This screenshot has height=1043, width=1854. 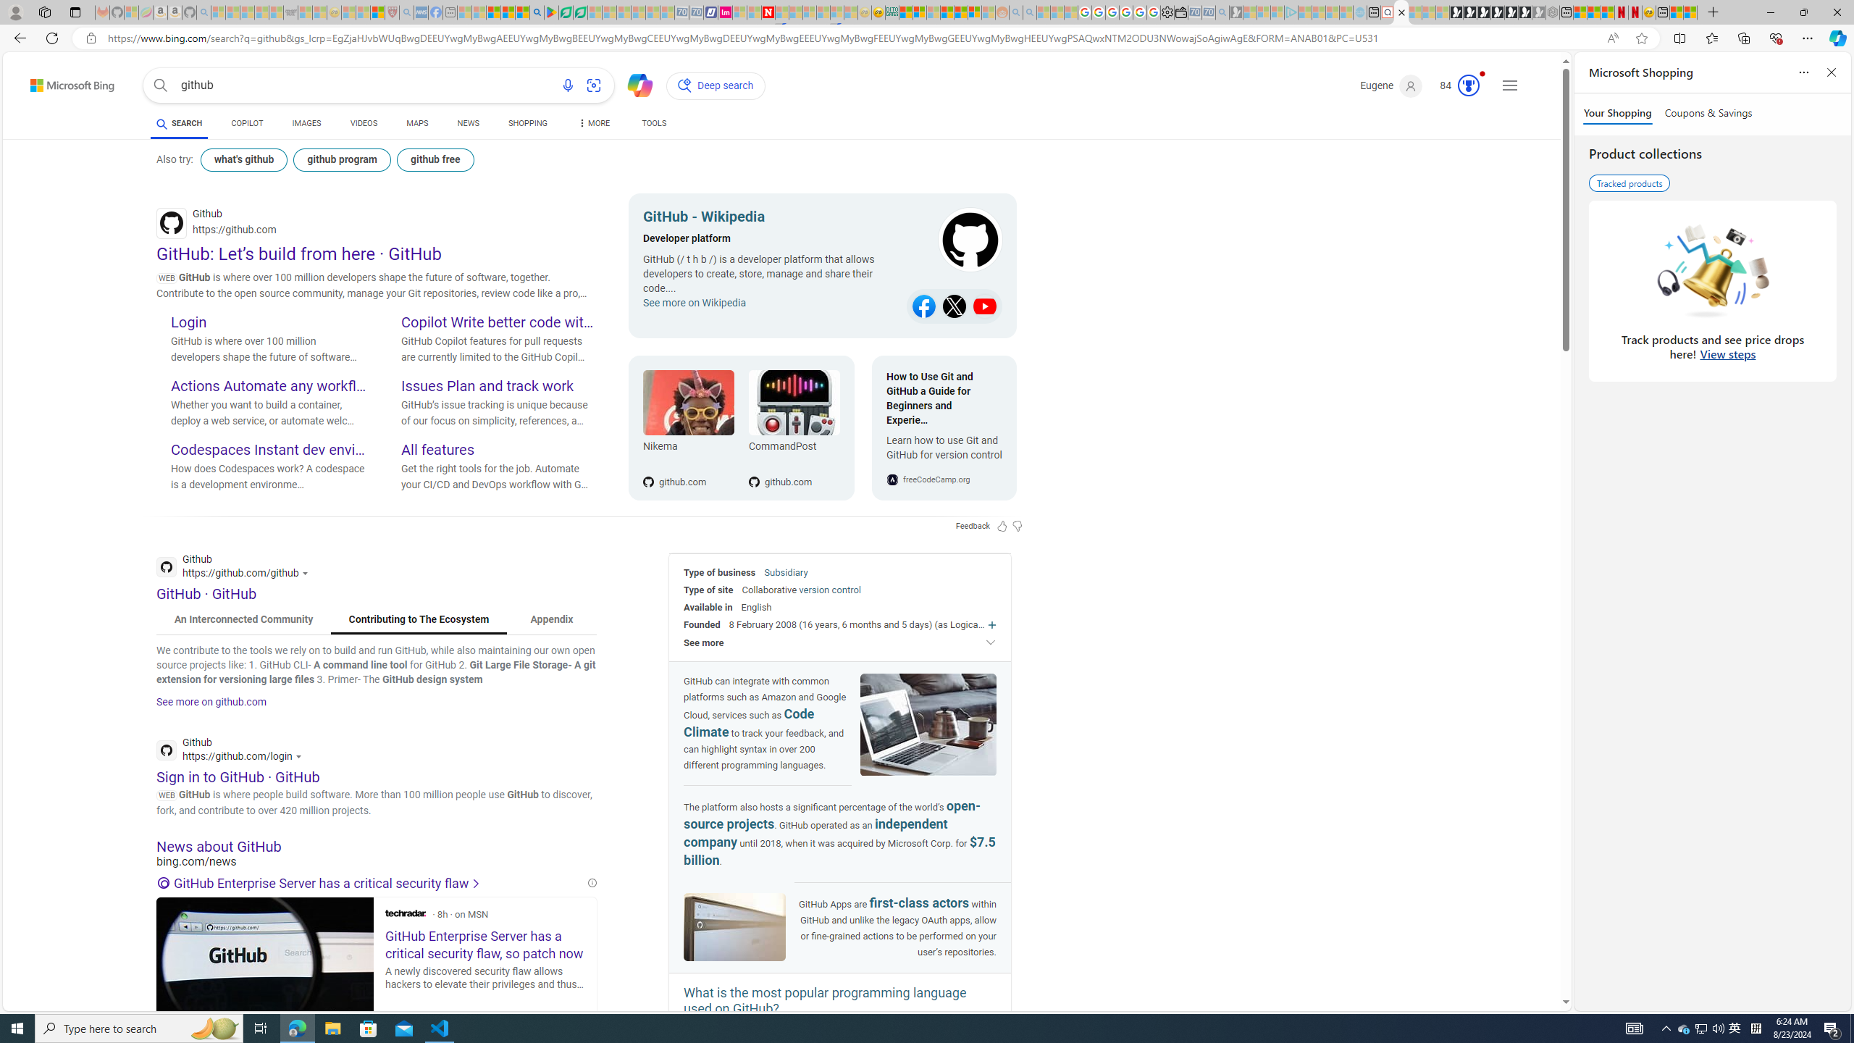 I want to click on '14 Common Myths Debunked By Scientific Facts - Sleeping', so click(x=794, y=12).